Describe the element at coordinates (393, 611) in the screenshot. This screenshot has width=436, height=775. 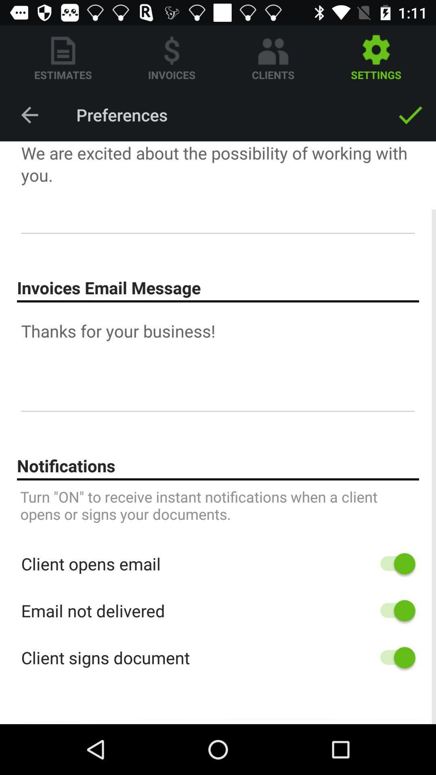
I see `notification for email not delivered` at that location.